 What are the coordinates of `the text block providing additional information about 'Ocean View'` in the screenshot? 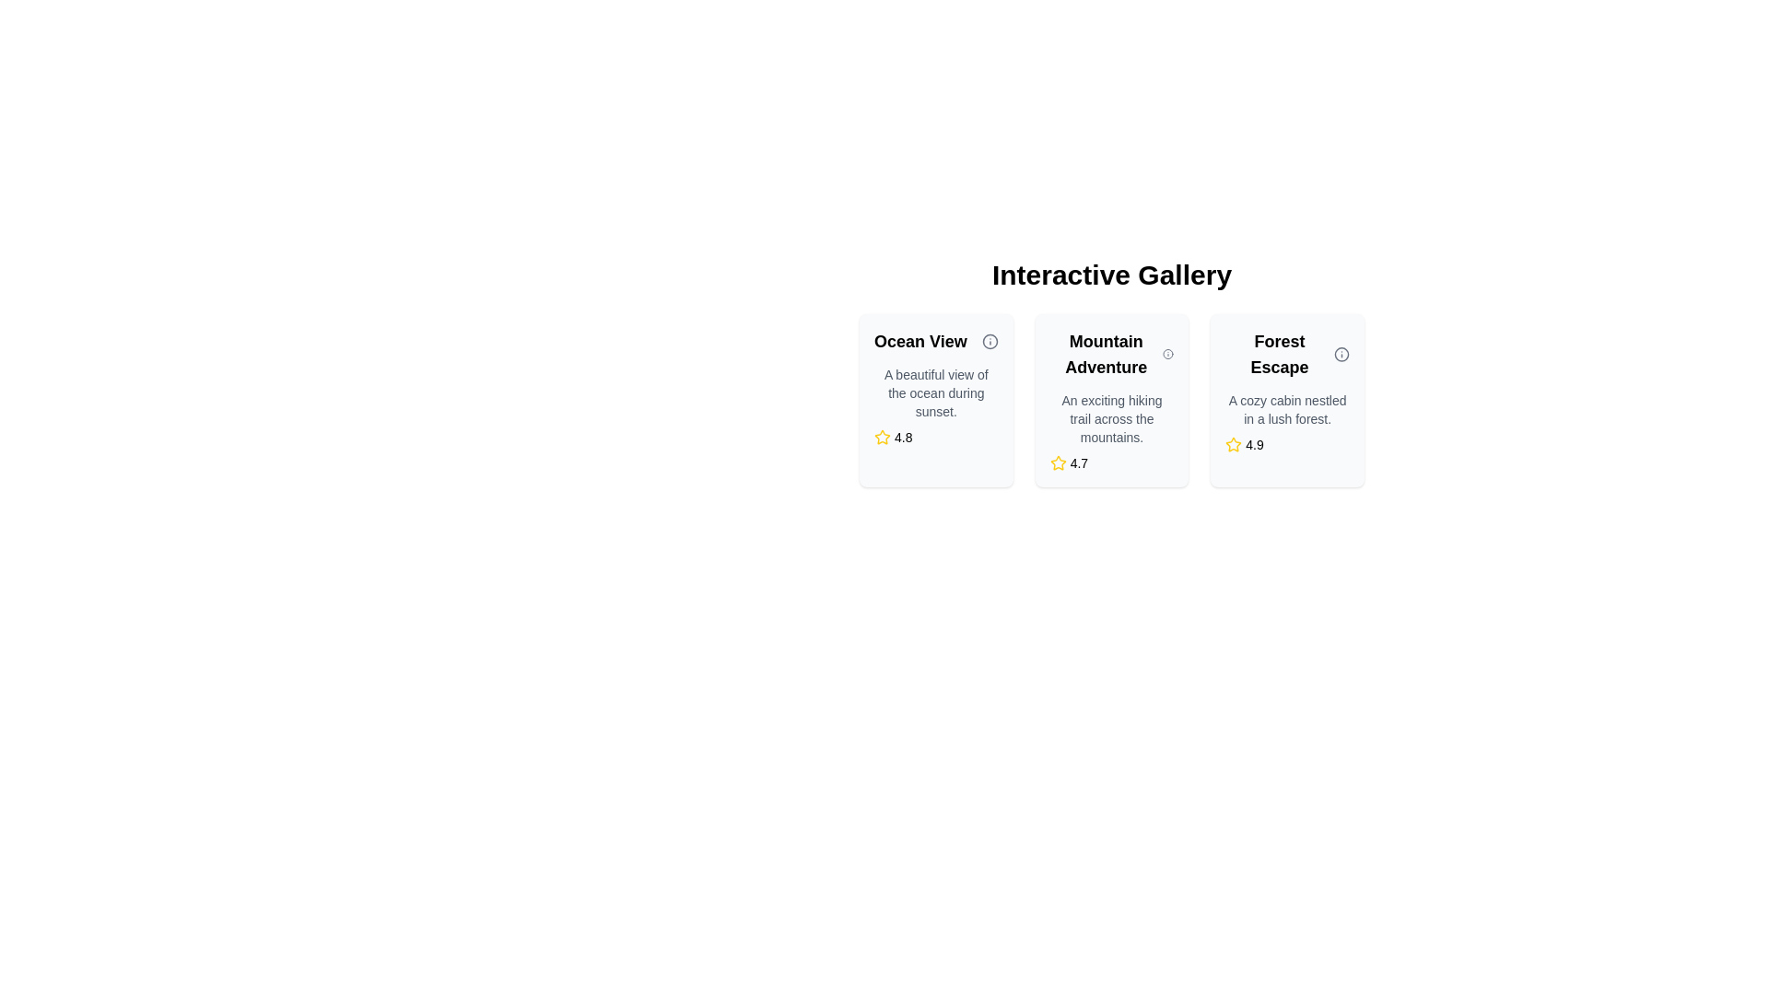 It's located at (936, 392).